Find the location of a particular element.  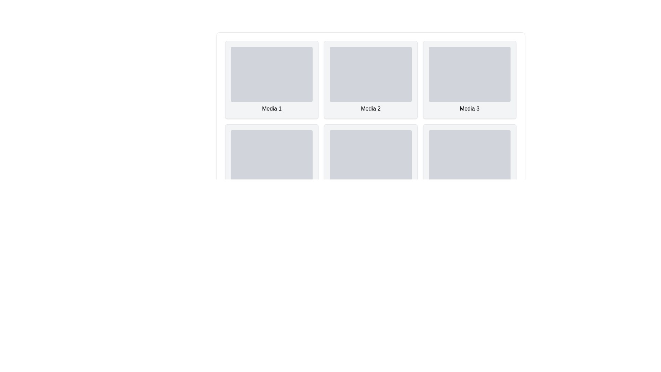

text label 'Media 2' which is styled in bold and centered, located below a gray placeholder image in a bordered, rounded rectangle in the grid layout is located at coordinates (370, 108).